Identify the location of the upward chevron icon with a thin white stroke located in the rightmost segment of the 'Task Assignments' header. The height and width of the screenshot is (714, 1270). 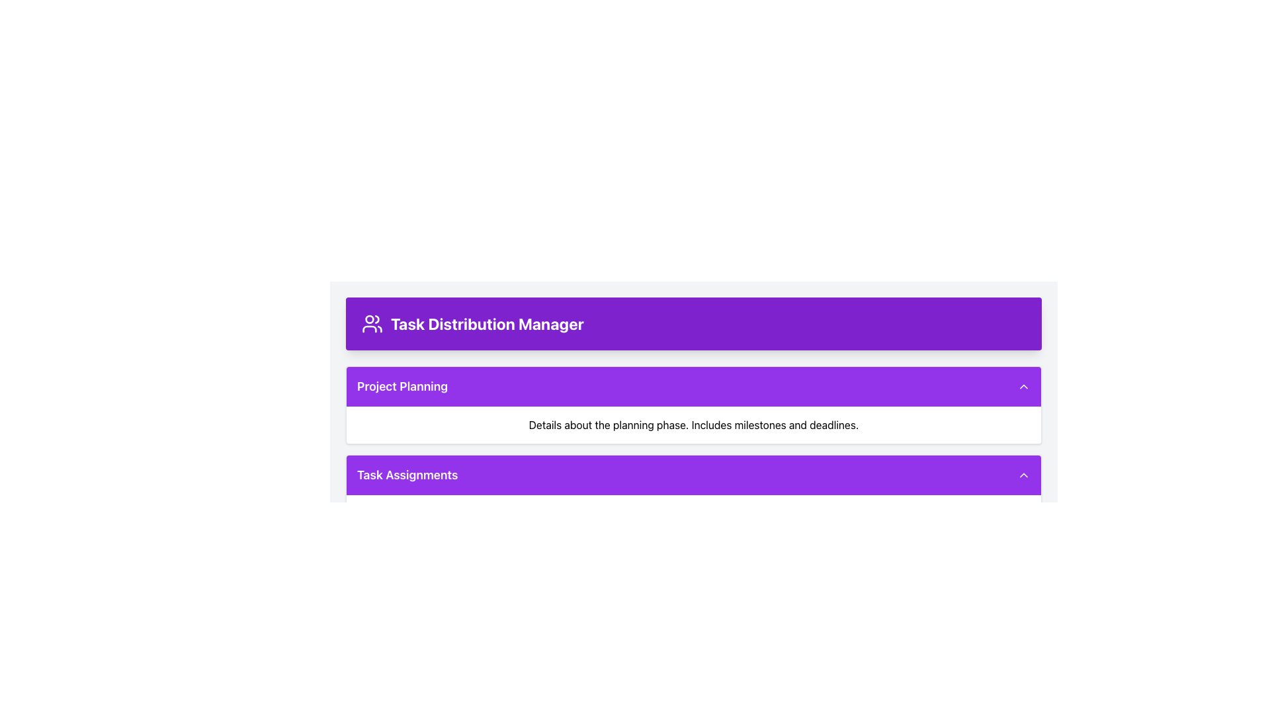
(1023, 474).